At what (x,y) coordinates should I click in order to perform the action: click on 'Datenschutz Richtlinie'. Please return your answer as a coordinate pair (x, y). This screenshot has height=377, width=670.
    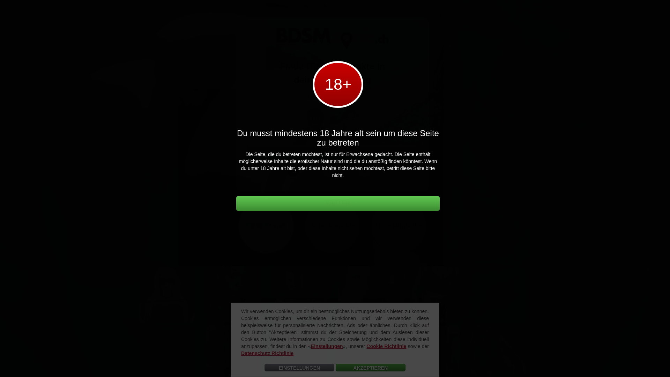
    Looking at the image, I should click on (267, 353).